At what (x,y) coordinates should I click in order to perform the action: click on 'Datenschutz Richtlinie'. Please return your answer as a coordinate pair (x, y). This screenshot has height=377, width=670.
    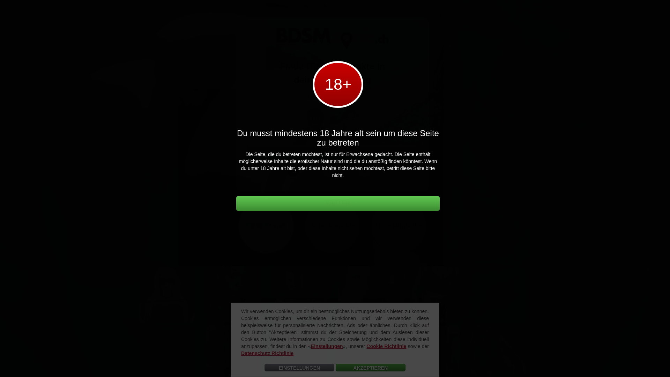
    Looking at the image, I should click on (267, 353).